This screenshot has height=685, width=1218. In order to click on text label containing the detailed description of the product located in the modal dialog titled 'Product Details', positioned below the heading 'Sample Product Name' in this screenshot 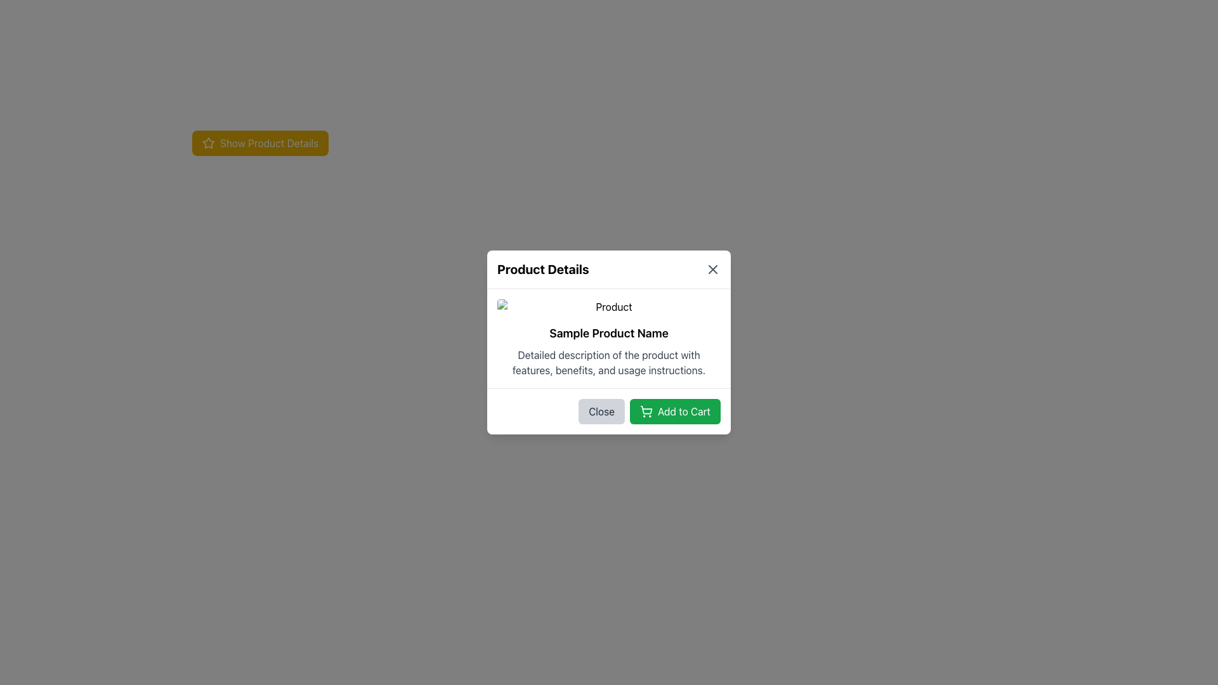, I will do `click(609, 362)`.